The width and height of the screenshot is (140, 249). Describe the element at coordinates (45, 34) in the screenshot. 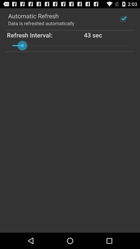

I see `refresh interval: item` at that location.